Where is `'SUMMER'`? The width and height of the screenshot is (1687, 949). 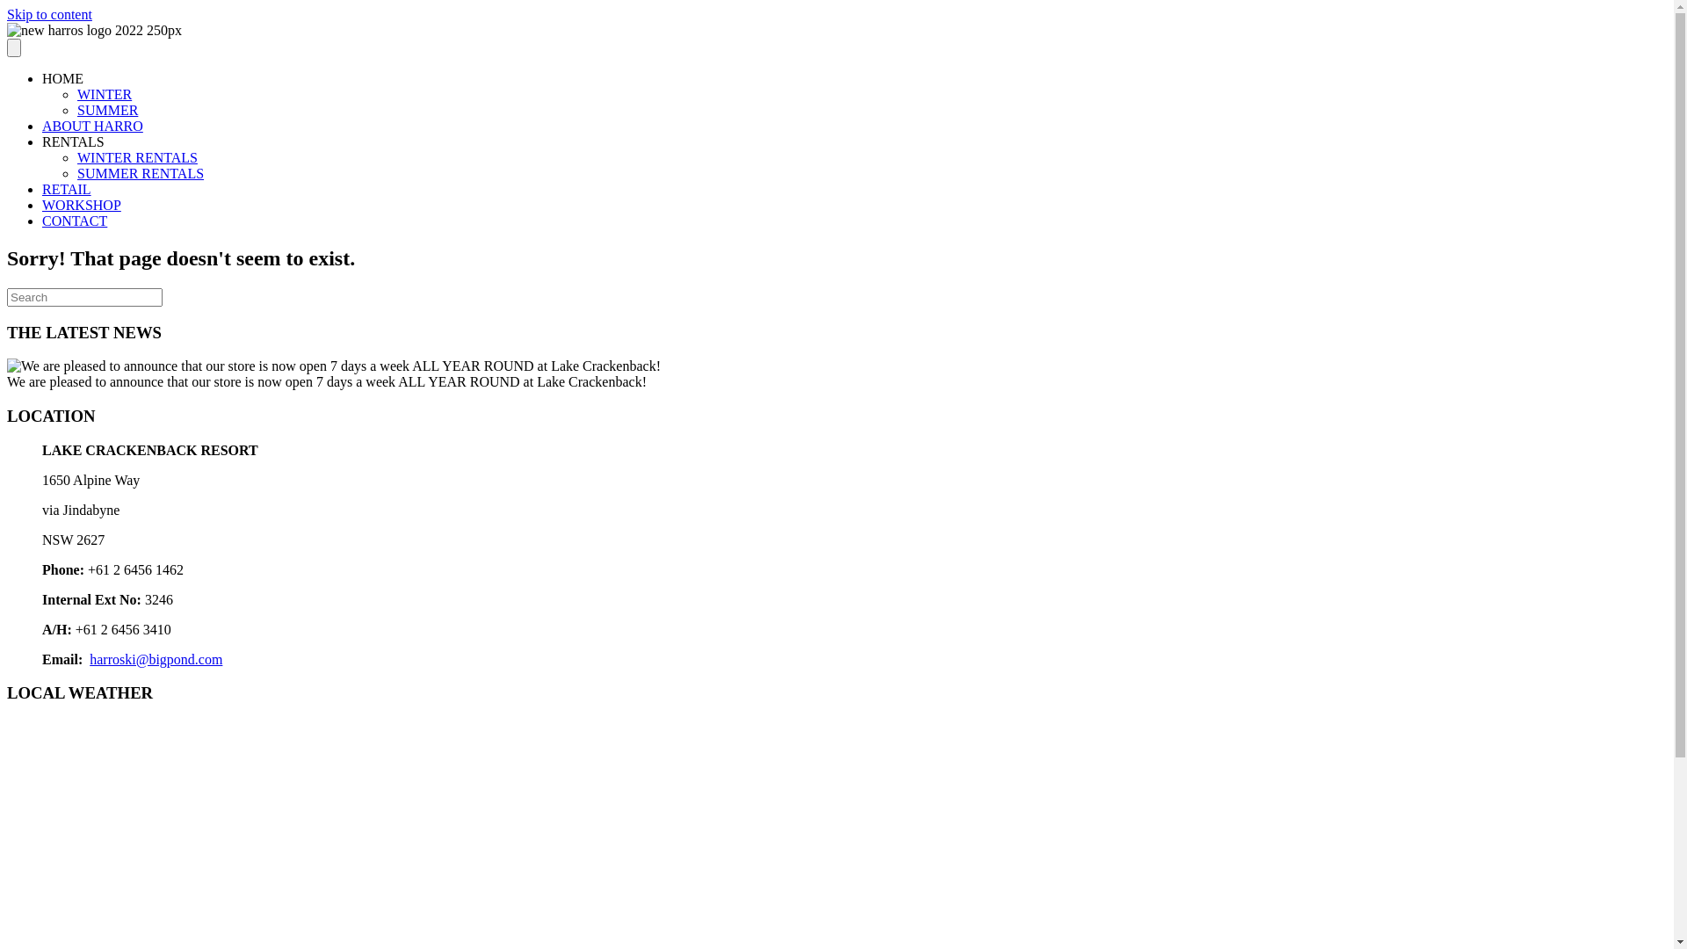
'SUMMER' is located at coordinates (106, 110).